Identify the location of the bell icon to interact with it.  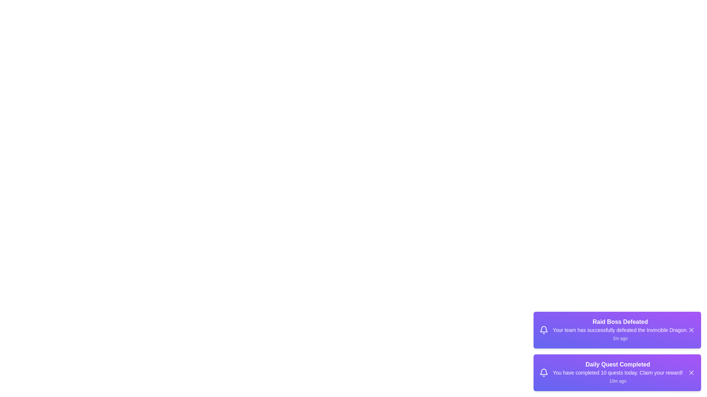
(544, 330).